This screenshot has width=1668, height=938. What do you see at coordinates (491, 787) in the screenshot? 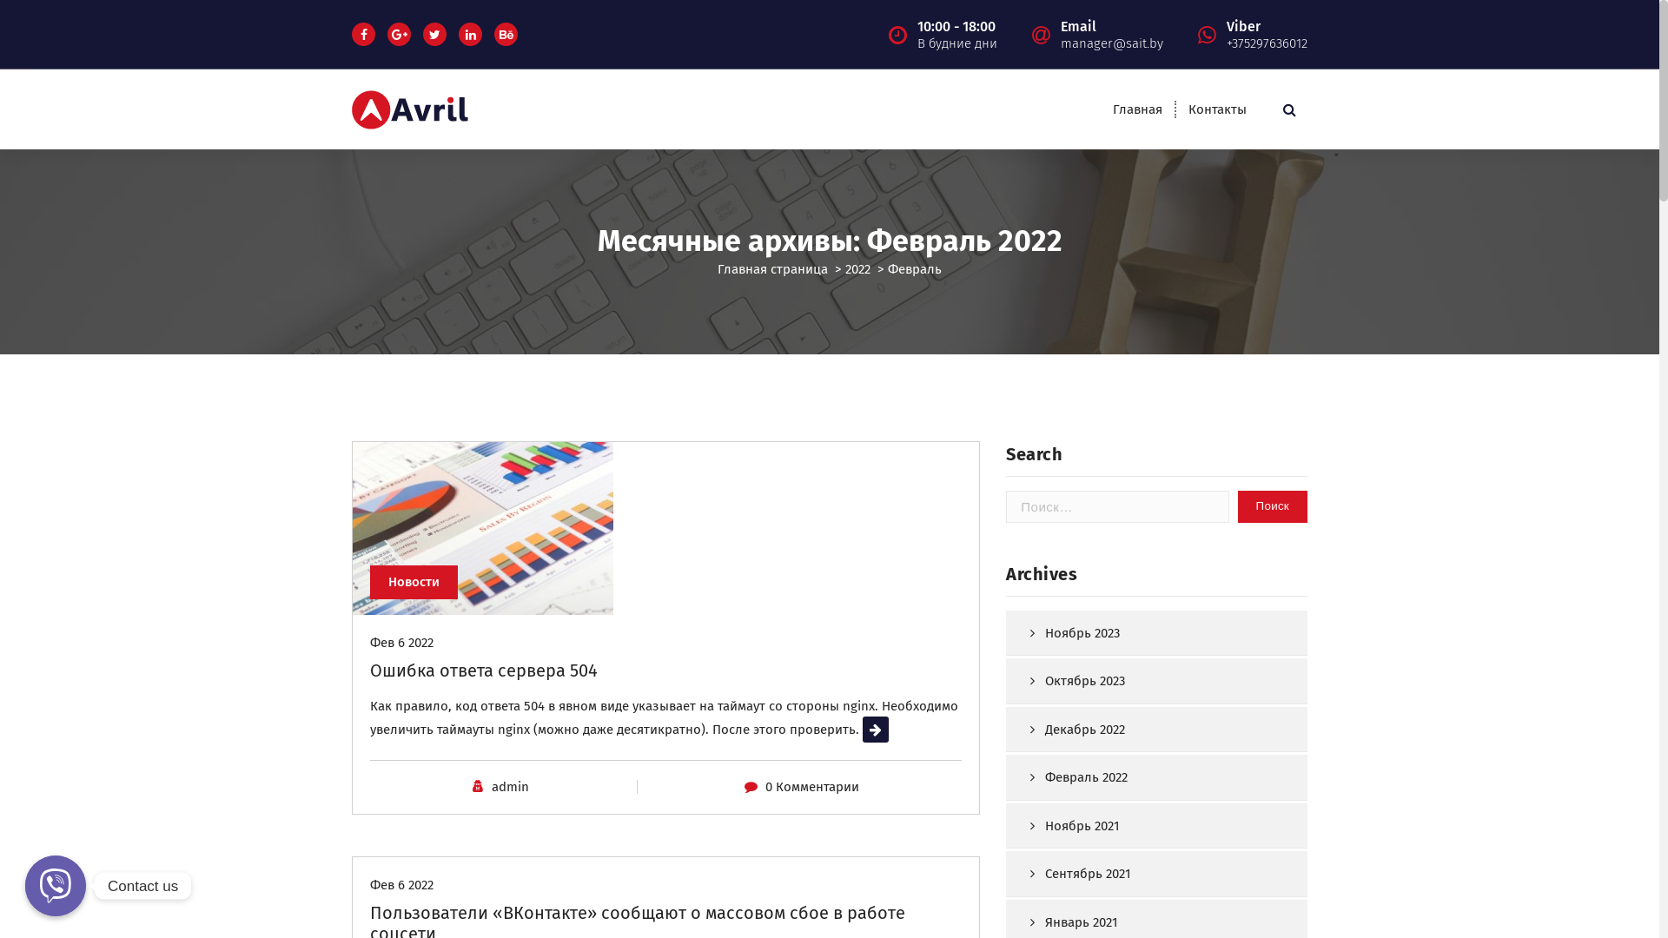
I see `'admin'` at bounding box center [491, 787].